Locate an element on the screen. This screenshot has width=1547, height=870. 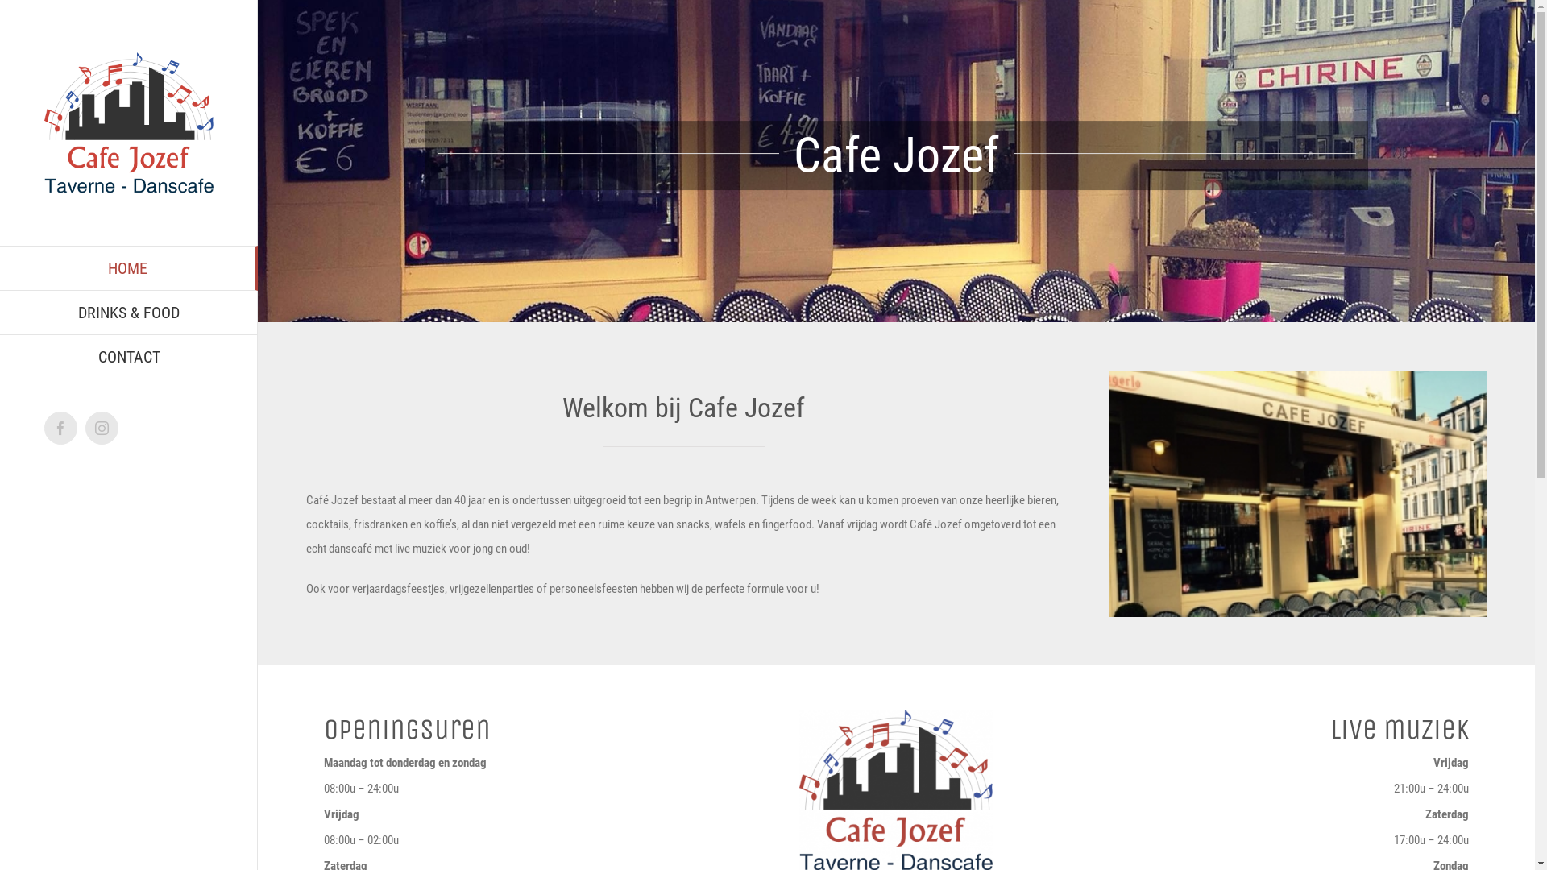
'Facebook' is located at coordinates (60, 427).